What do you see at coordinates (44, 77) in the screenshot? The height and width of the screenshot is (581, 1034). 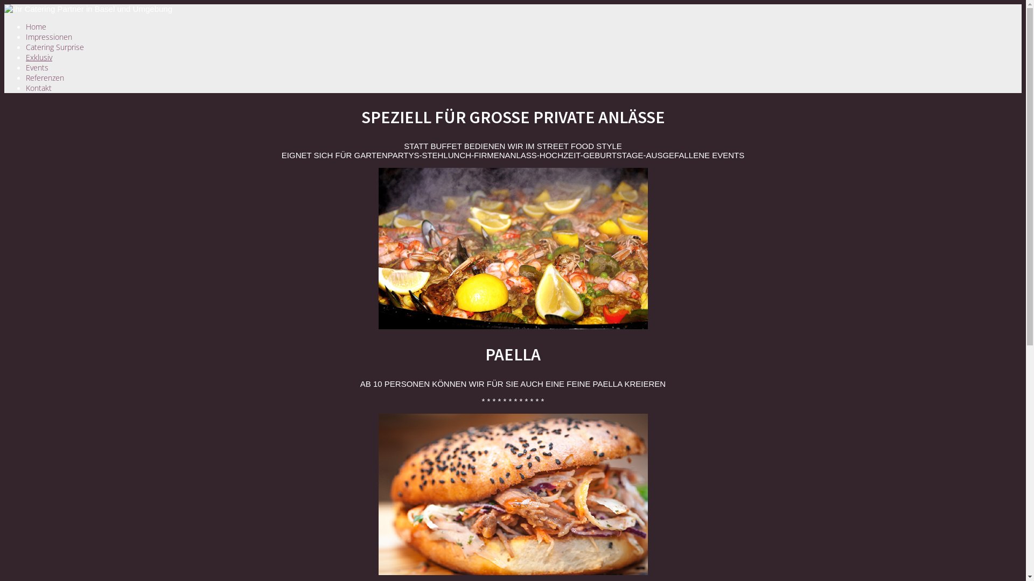 I see `'Referenzen'` at bounding box center [44, 77].